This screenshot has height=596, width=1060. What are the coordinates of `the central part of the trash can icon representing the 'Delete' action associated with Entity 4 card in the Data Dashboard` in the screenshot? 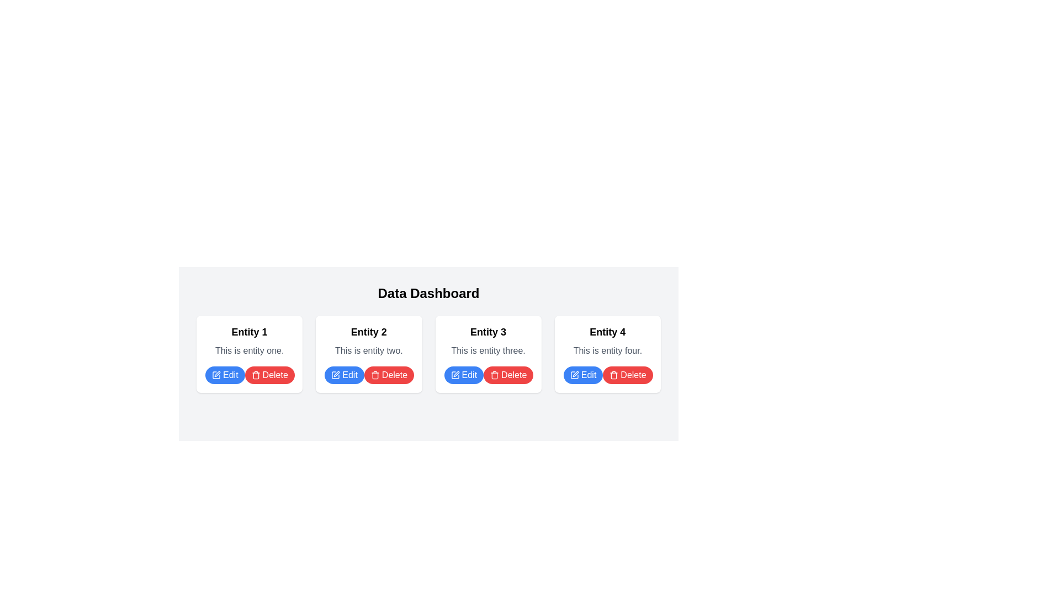 It's located at (494, 375).